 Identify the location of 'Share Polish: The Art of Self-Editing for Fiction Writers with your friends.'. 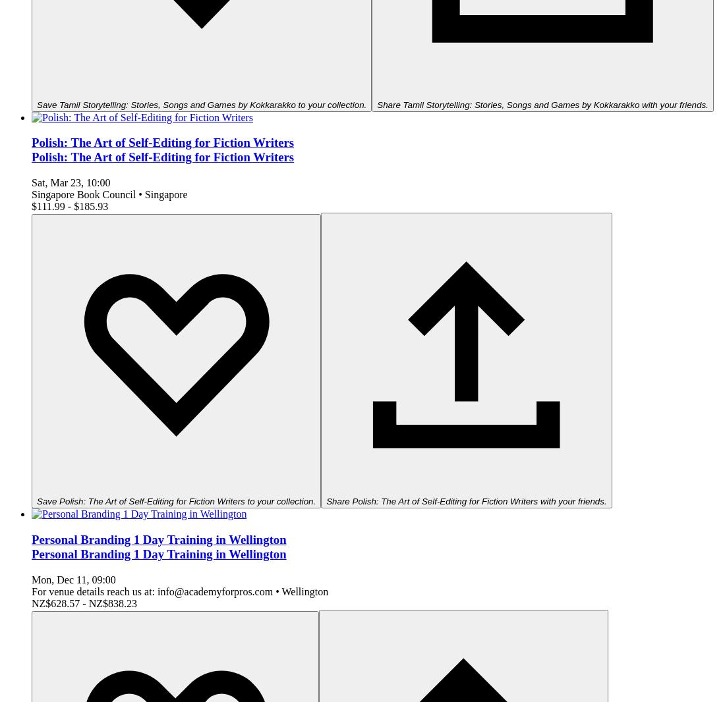
(465, 500).